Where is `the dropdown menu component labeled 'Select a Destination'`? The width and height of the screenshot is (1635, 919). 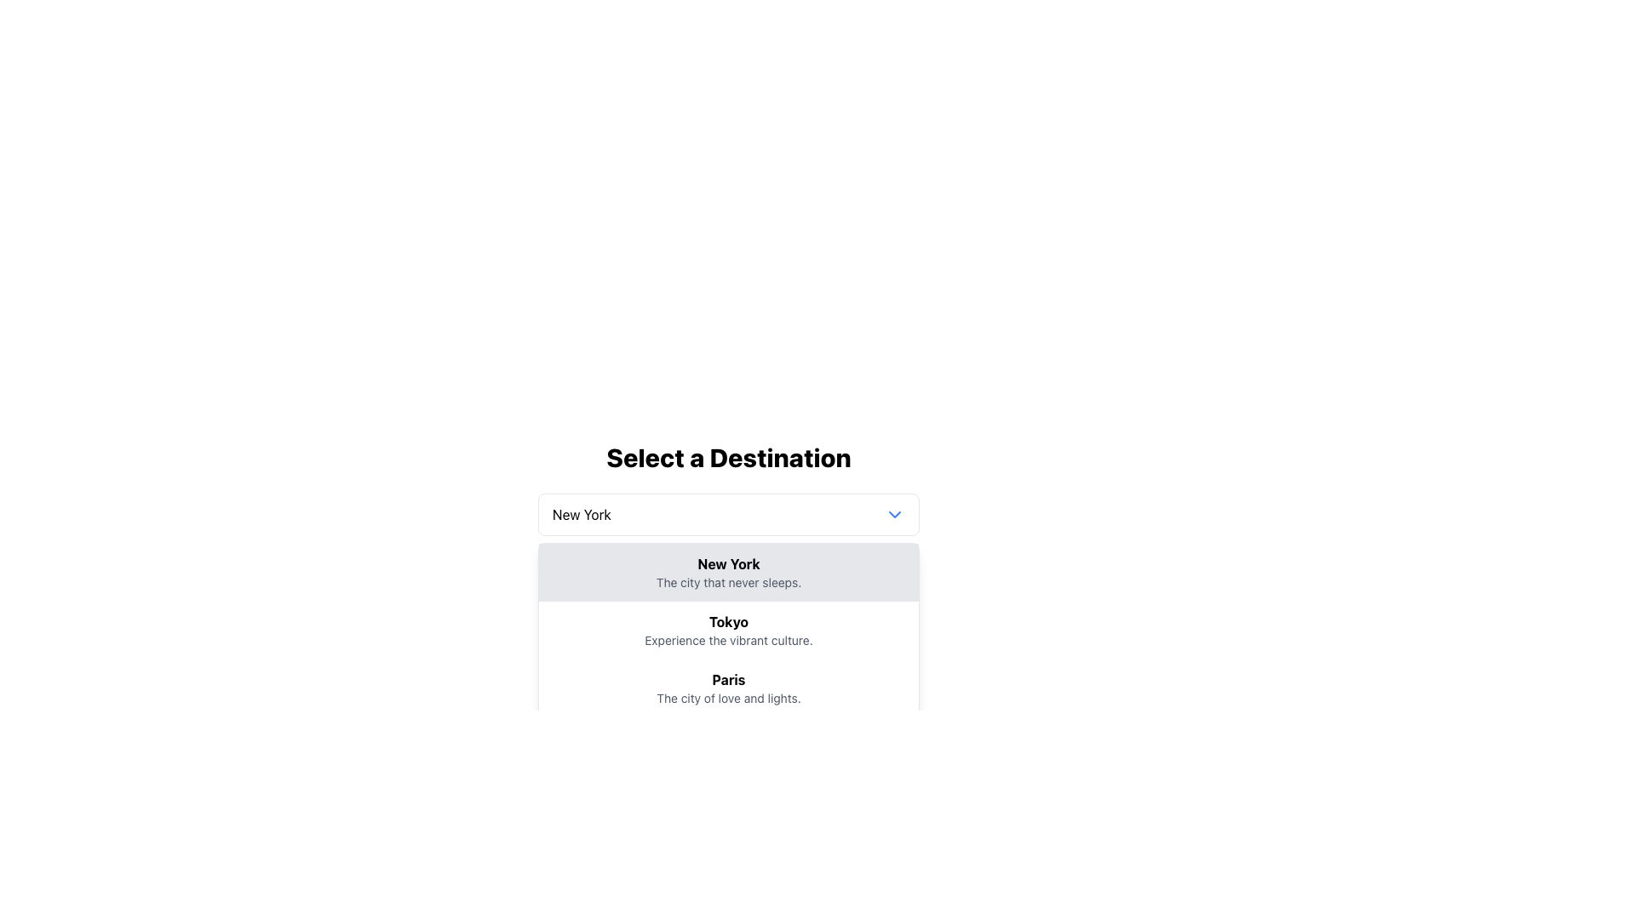
the dropdown menu component labeled 'Select a Destination' is located at coordinates (728, 523).